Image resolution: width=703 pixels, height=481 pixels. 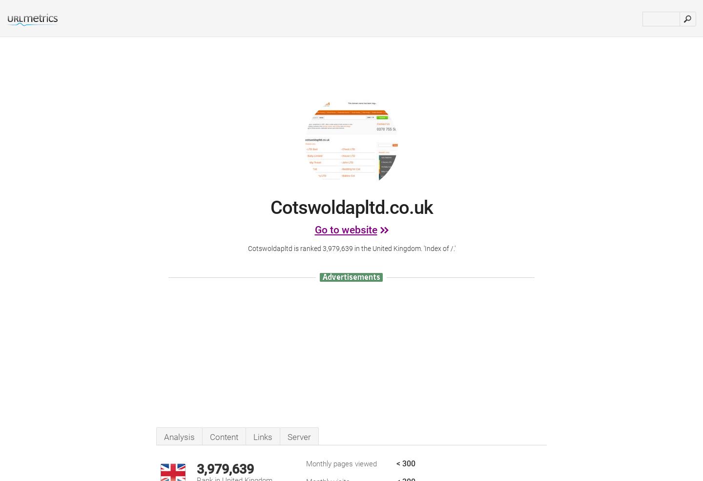 What do you see at coordinates (351, 207) in the screenshot?
I see `'Cotswoldapltd.co.uk'` at bounding box center [351, 207].